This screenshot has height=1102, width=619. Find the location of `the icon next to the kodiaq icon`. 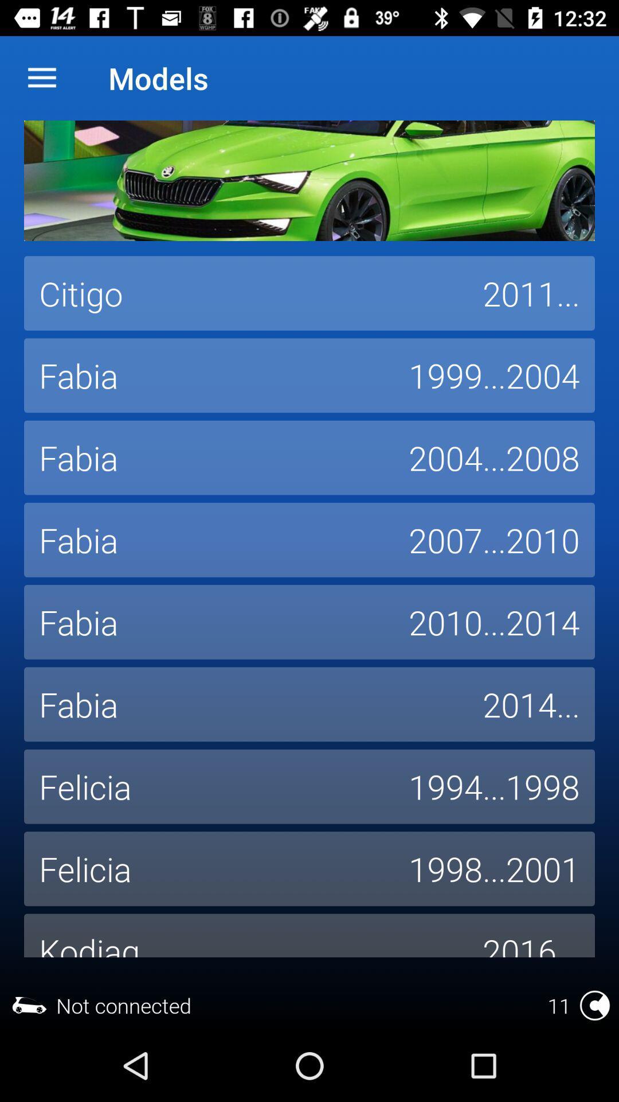

the icon next to the kodiaq icon is located at coordinates (531, 936).